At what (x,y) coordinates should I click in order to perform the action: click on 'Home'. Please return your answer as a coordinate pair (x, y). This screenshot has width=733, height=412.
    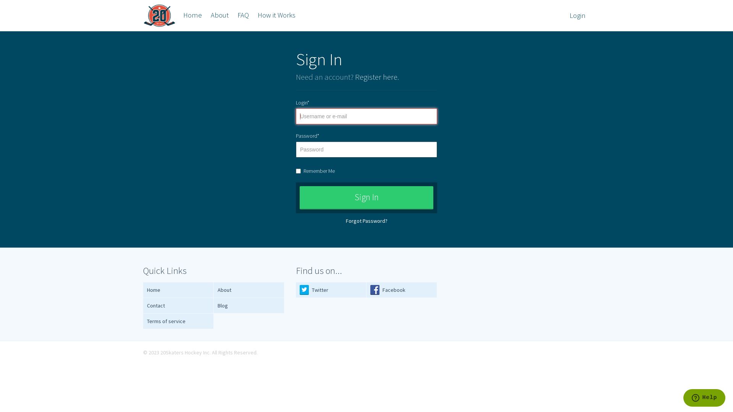
    Looking at the image, I should click on (178, 290).